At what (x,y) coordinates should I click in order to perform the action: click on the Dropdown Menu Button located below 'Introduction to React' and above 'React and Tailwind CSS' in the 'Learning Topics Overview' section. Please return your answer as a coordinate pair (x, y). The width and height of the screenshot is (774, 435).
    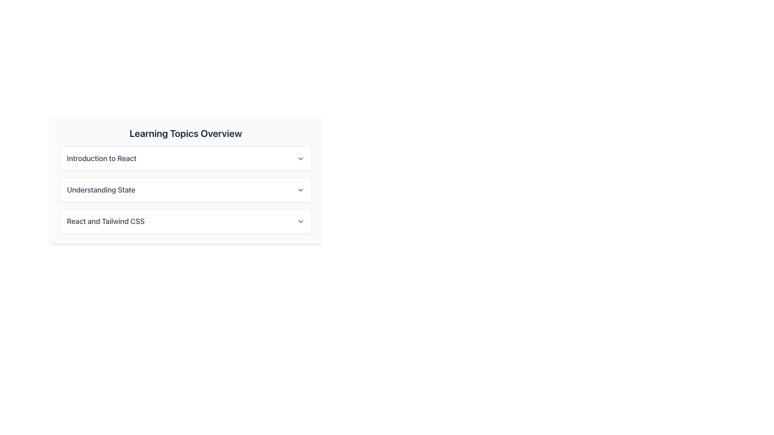
    Looking at the image, I should click on (185, 190).